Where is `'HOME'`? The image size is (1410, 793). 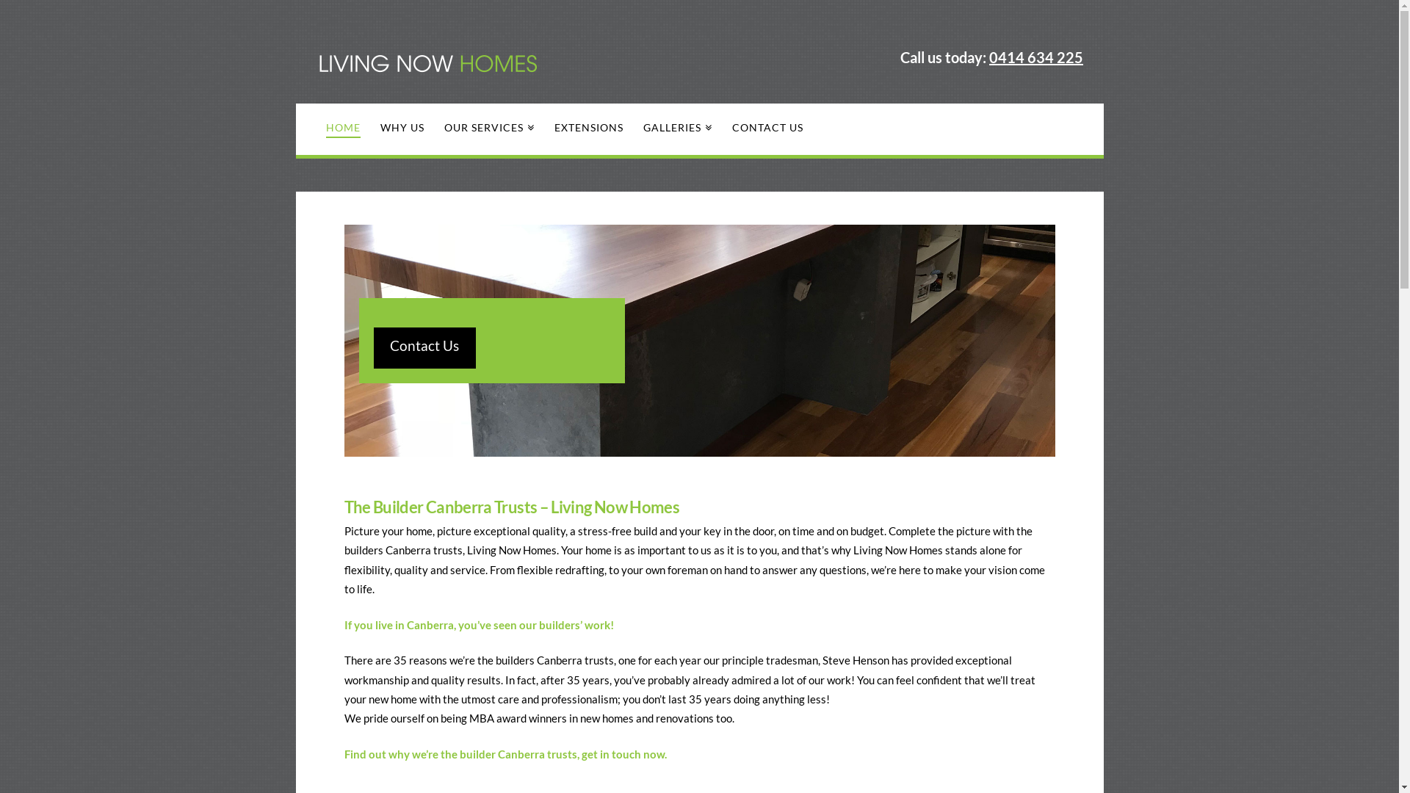 'HOME' is located at coordinates (341, 128).